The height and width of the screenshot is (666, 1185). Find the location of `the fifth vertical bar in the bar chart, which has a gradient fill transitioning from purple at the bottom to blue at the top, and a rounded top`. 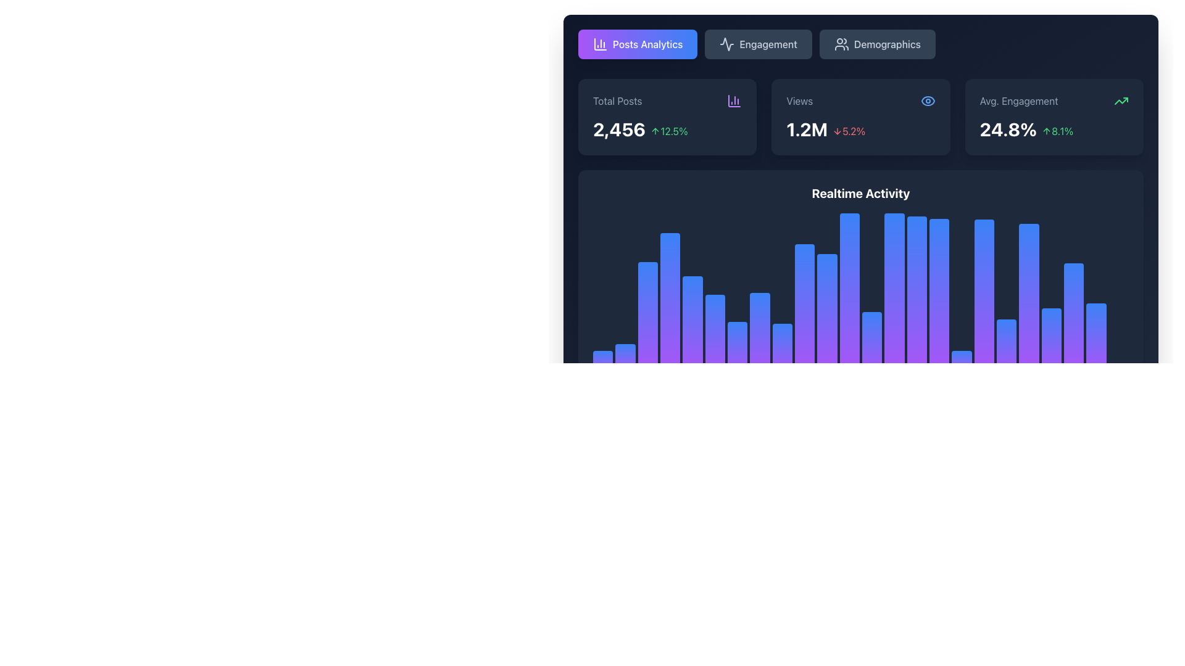

the fifth vertical bar in the bar chart, which has a gradient fill transitioning from purple at the bottom to blue at the top, and a rounded top is located at coordinates (692, 298).